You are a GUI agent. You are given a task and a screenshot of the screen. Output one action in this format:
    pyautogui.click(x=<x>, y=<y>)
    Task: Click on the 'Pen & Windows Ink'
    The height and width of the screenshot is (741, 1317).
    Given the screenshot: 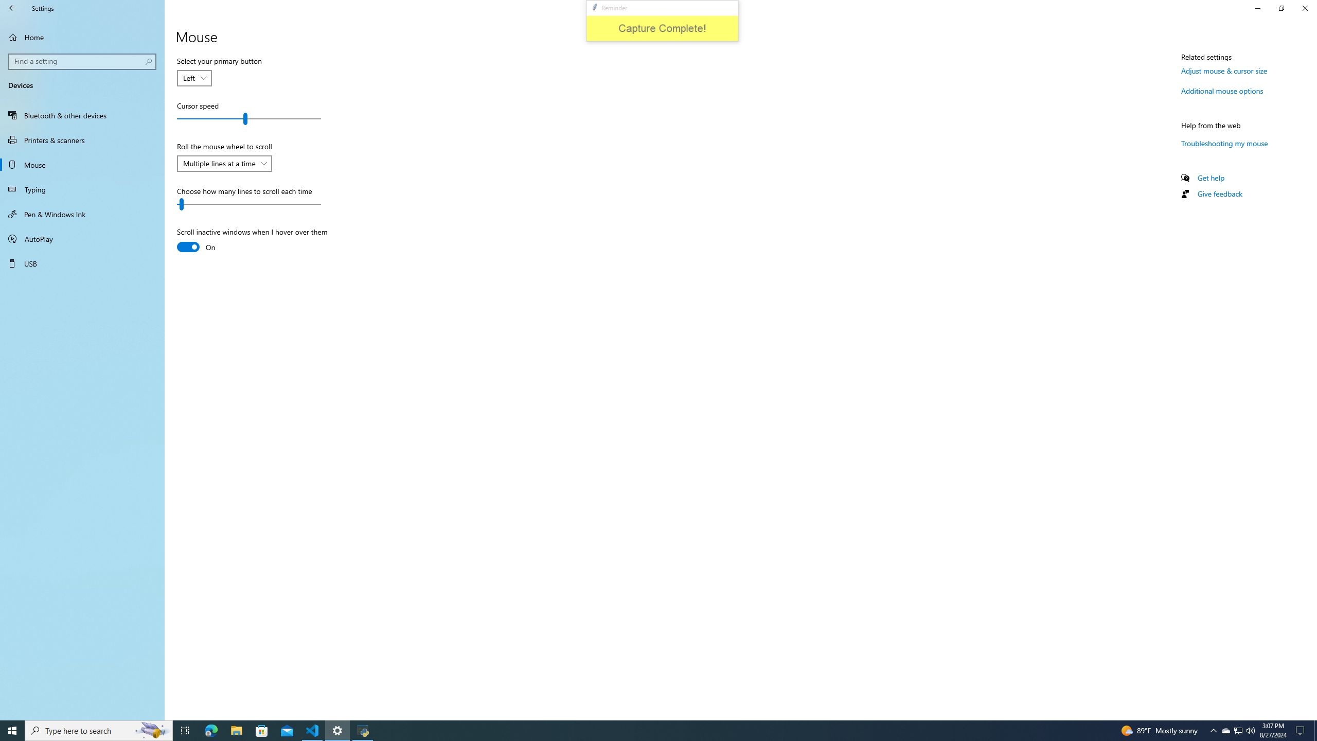 What is the action you would take?
    pyautogui.click(x=82, y=214)
    